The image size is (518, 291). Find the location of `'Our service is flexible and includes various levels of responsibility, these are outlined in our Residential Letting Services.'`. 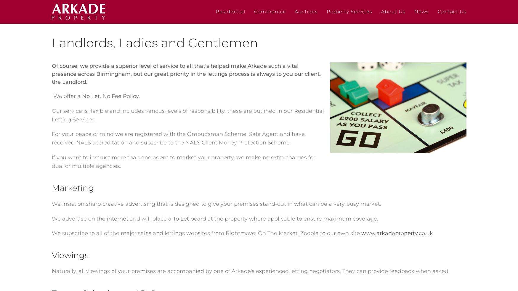

'Our service is flexible and includes various levels of responsibility, these are outlined in our Residential Letting Services.' is located at coordinates (187, 115).